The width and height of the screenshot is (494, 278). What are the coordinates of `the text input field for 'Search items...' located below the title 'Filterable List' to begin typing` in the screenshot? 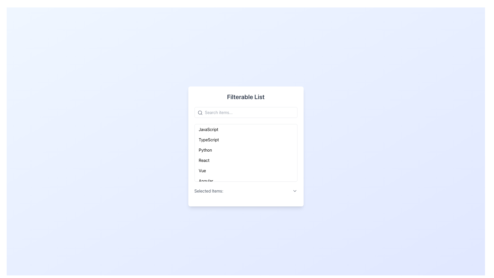 It's located at (245, 112).